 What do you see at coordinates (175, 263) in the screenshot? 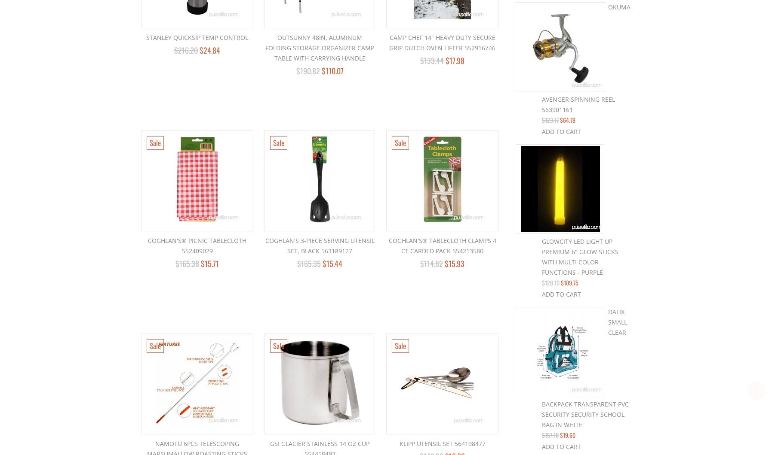
I see `'$165.38'` at bounding box center [175, 263].